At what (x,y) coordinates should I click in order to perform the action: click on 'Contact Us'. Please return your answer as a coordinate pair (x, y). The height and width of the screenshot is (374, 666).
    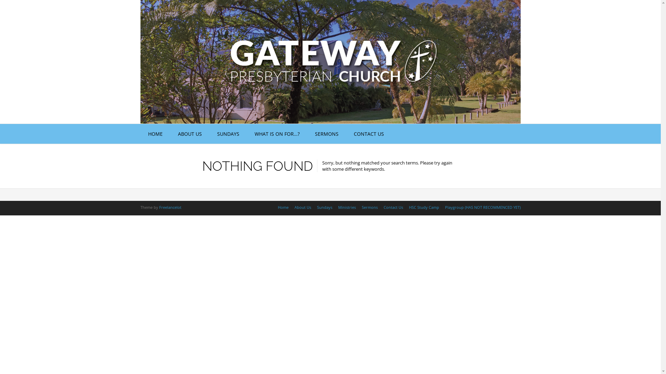
    Looking at the image, I should click on (393, 207).